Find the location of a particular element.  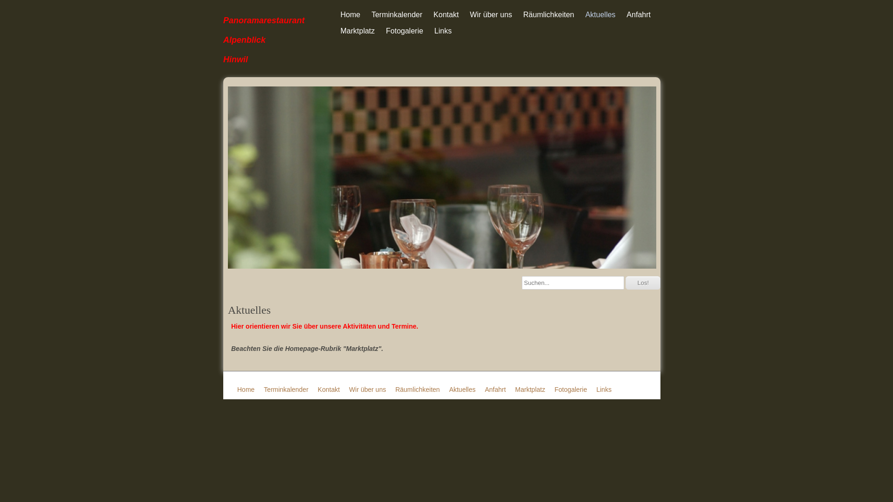

'Kontakt' is located at coordinates (328, 389).